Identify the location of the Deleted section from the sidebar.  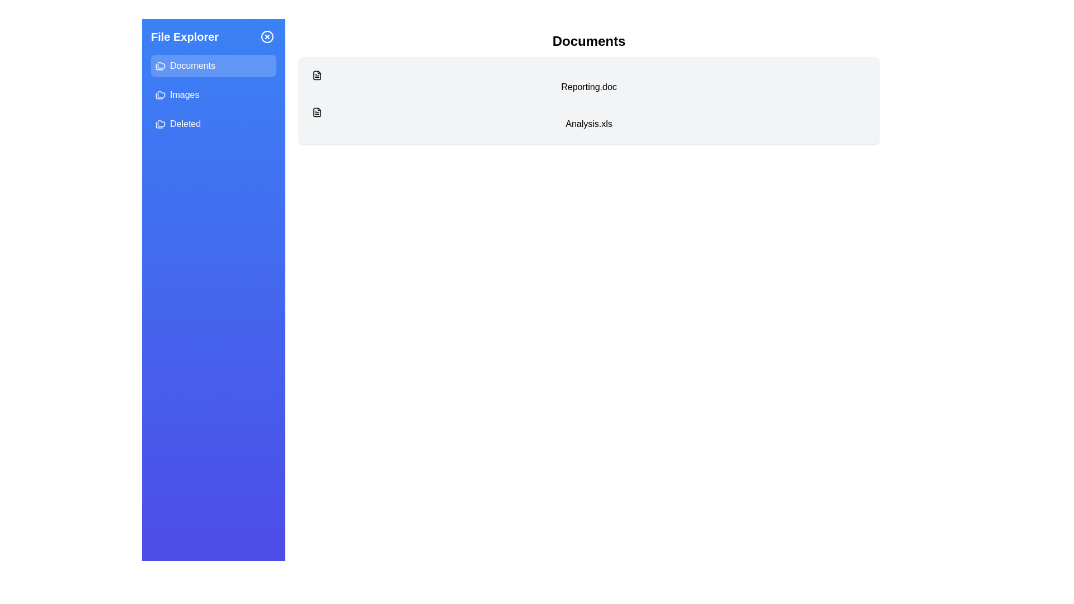
(214, 124).